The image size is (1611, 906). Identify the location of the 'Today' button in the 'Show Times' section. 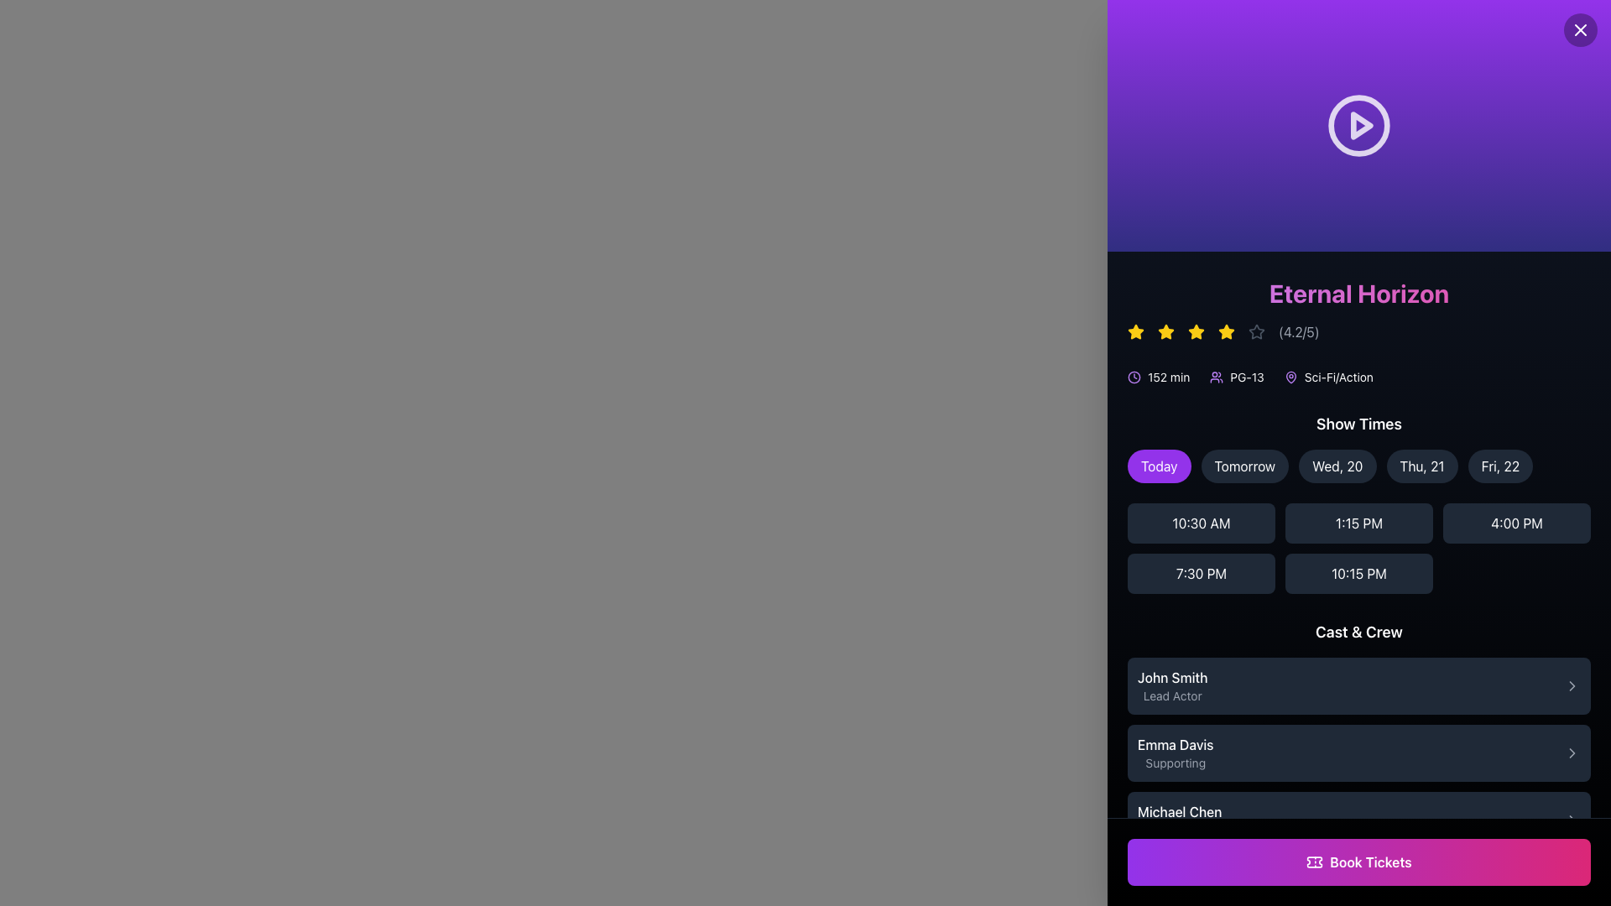
(1158, 466).